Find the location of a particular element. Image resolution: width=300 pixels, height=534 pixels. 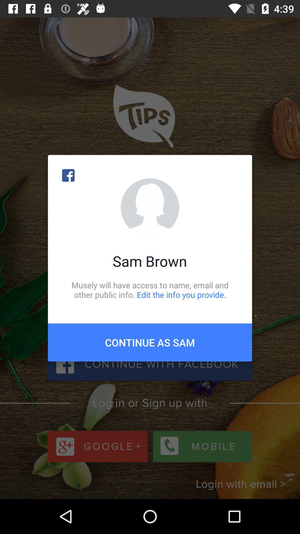

the icon below the sam brown icon is located at coordinates (150, 290).